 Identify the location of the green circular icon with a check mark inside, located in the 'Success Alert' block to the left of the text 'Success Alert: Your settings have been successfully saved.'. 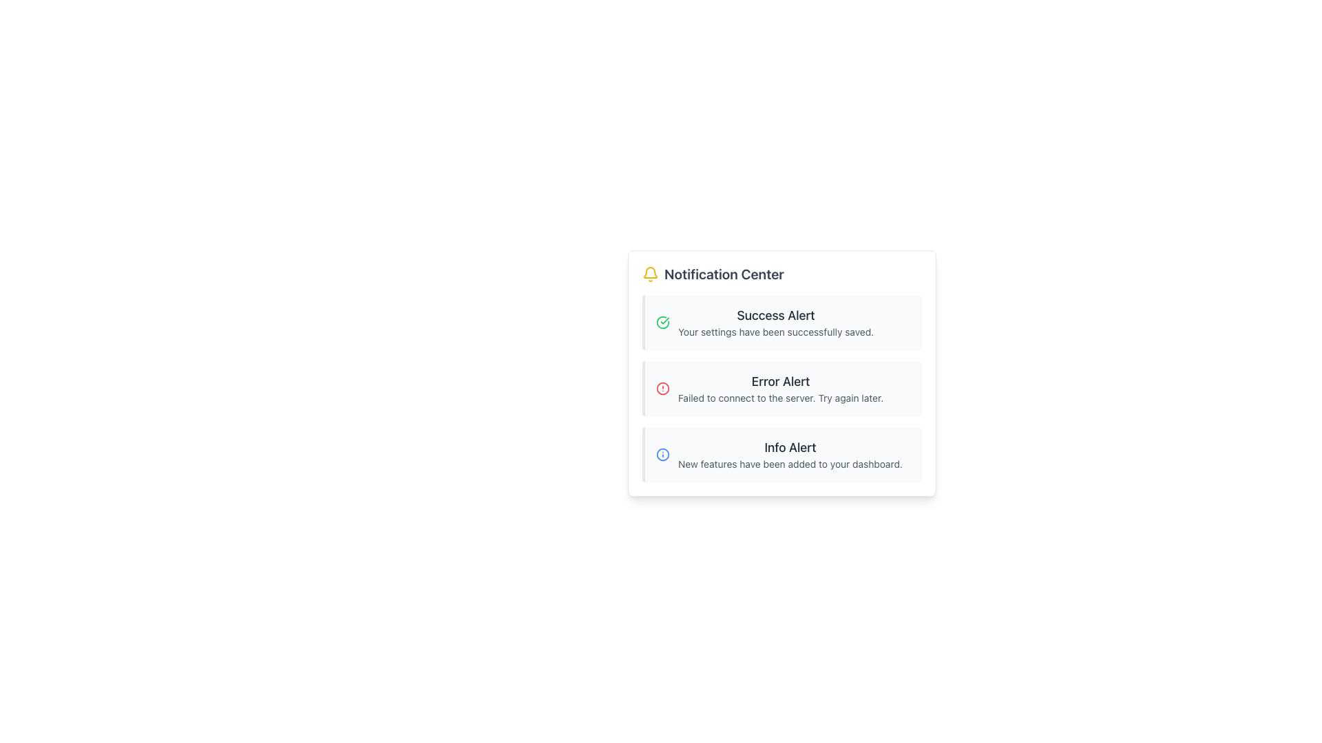
(663, 323).